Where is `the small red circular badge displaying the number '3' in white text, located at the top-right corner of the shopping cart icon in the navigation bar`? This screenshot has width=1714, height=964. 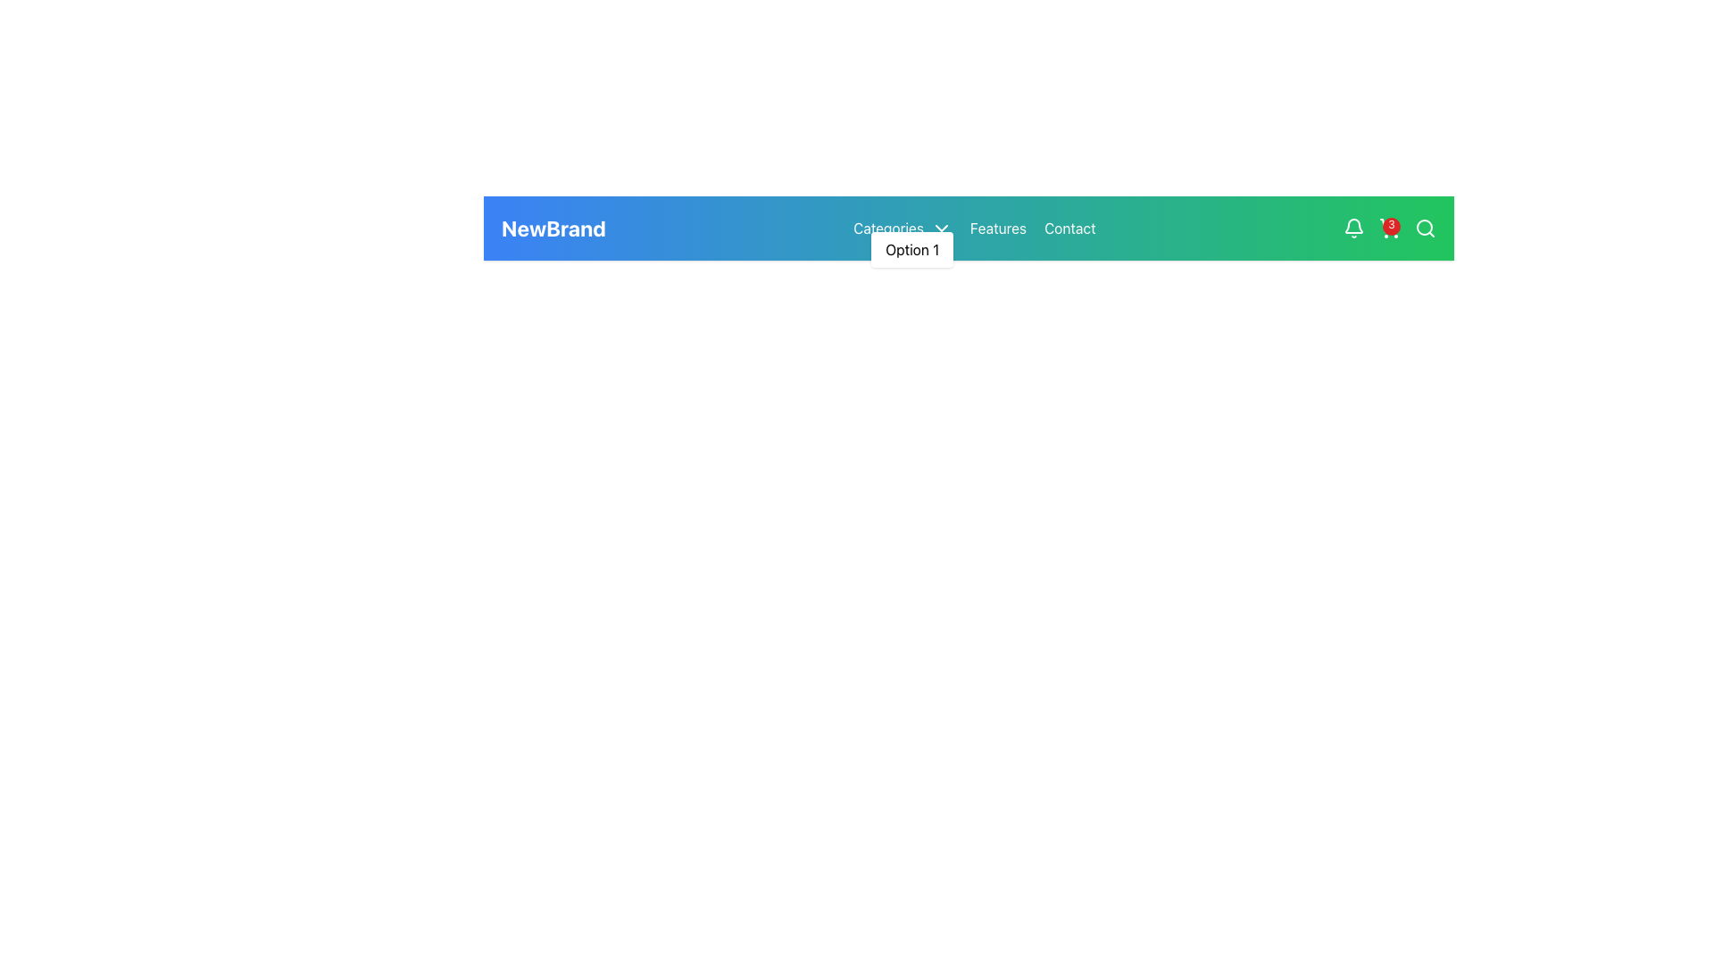 the small red circular badge displaying the number '3' in white text, located at the top-right corner of the shopping cart icon in the navigation bar is located at coordinates (1391, 226).